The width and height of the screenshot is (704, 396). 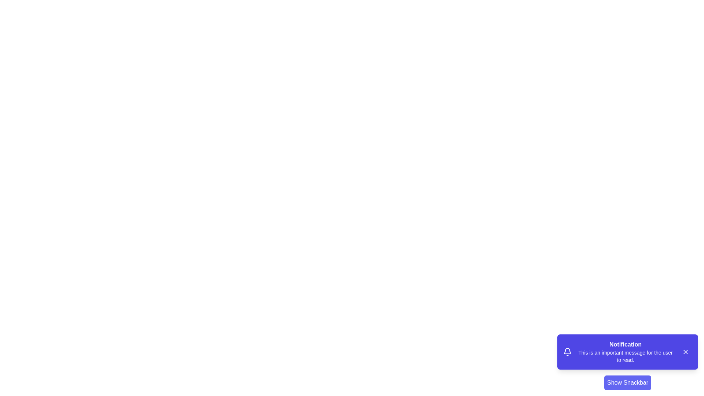 I want to click on the close icon, which is a small diagonal cross ('X') symbol located in the top-right corner of the purple notification banner, to trigger a visual response, so click(x=685, y=352).